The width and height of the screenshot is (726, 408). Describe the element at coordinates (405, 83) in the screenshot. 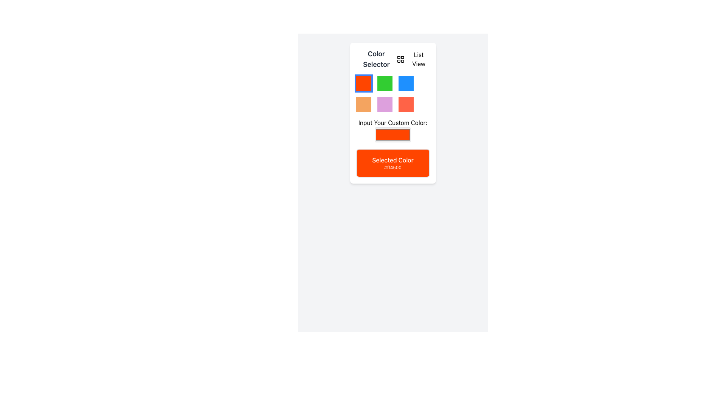

I see `the blue button located in the third column of the top row in a 3x2 grid layout` at that location.